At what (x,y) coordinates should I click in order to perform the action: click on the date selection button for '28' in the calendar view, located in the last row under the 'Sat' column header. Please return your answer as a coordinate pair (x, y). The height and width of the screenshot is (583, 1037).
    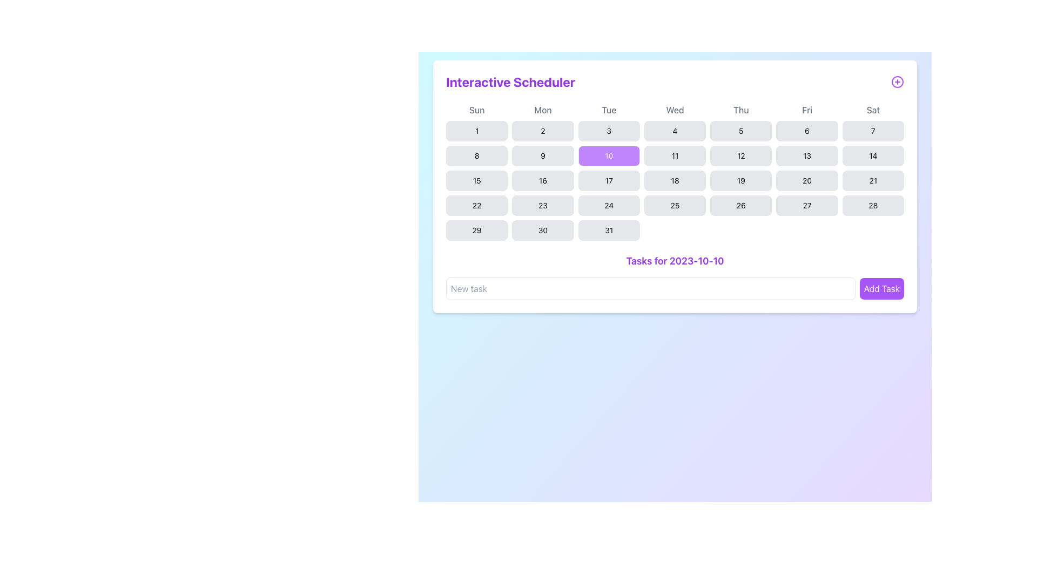
    Looking at the image, I should click on (873, 206).